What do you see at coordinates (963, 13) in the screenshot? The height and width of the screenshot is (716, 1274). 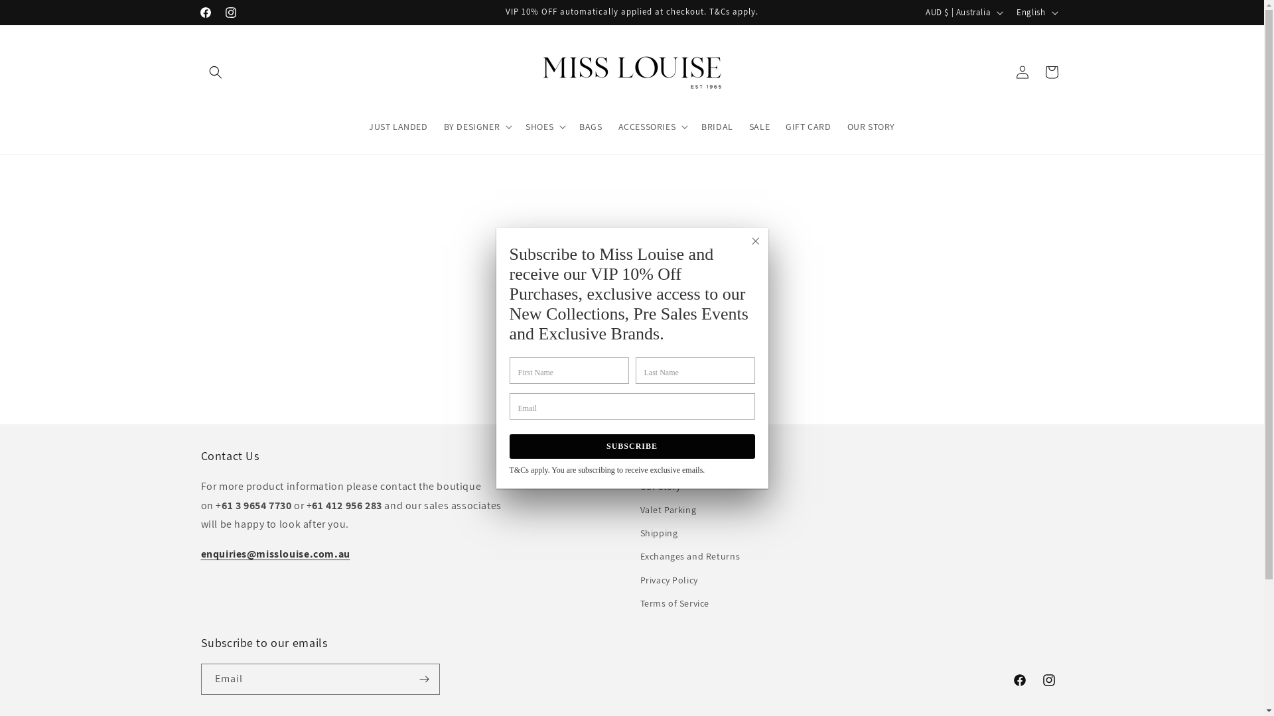 I see `'AUD $ | Australia'` at bounding box center [963, 13].